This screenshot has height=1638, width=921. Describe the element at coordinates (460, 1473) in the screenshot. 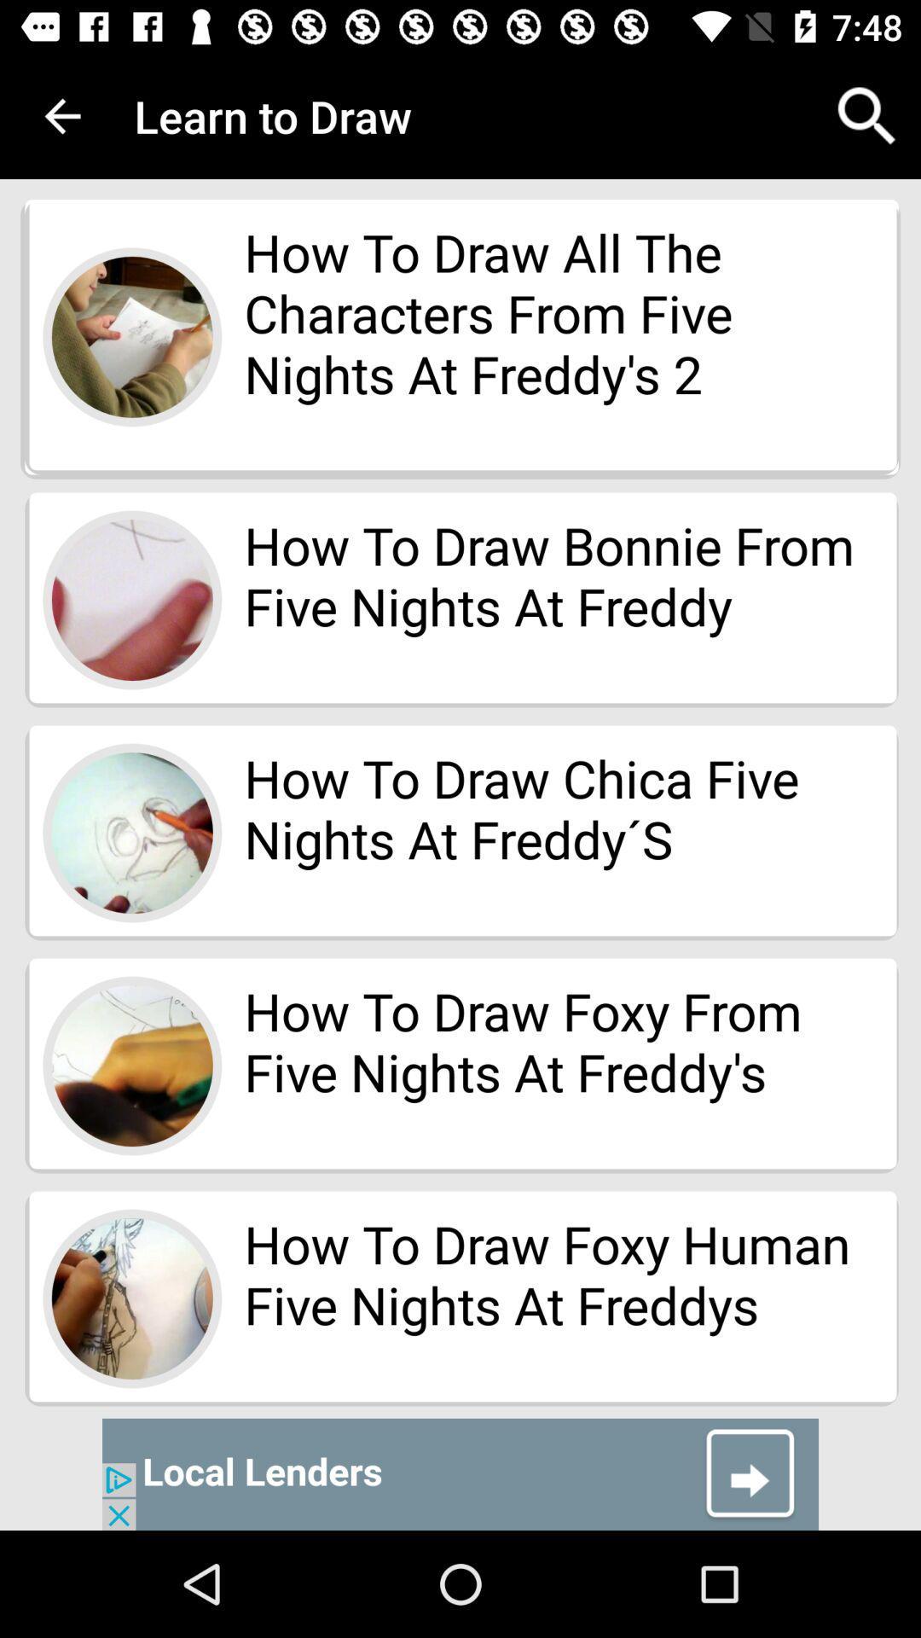

I see `advertisement` at that location.